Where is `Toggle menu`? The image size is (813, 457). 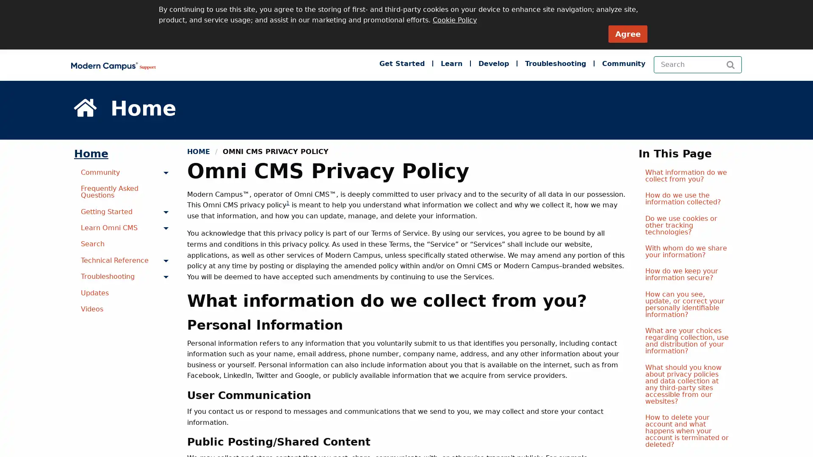 Toggle menu is located at coordinates (165, 277).